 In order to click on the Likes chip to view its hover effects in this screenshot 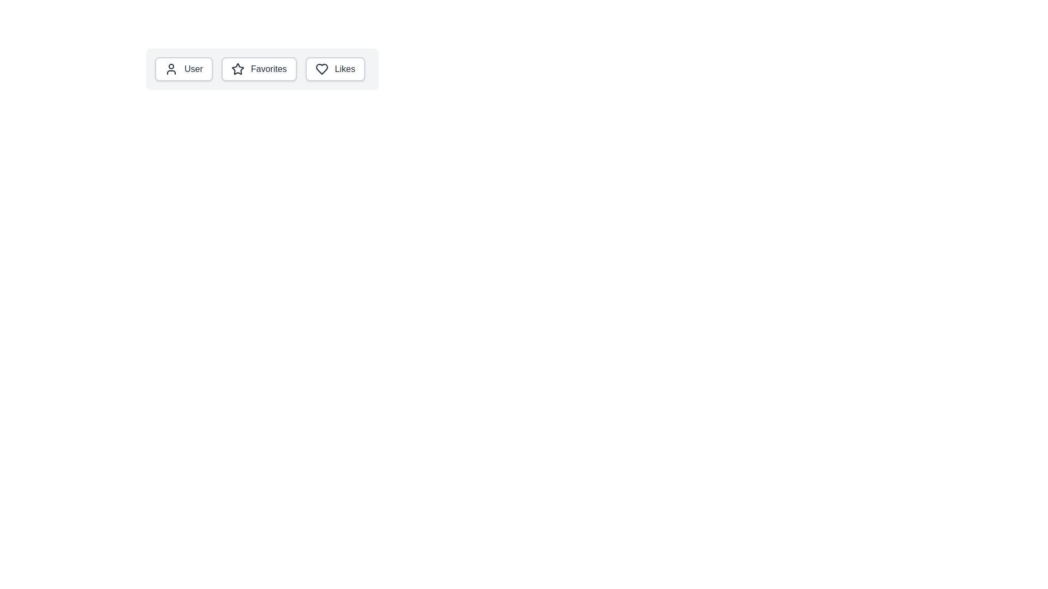, I will do `click(335, 69)`.